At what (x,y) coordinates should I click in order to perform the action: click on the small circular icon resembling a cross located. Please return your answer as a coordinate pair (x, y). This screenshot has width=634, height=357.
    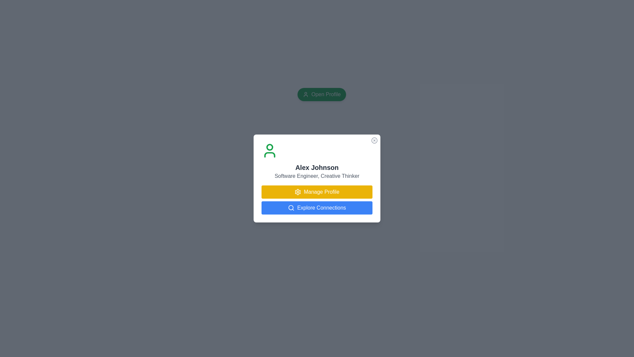
    Looking at the image, I should click on (374, 140).